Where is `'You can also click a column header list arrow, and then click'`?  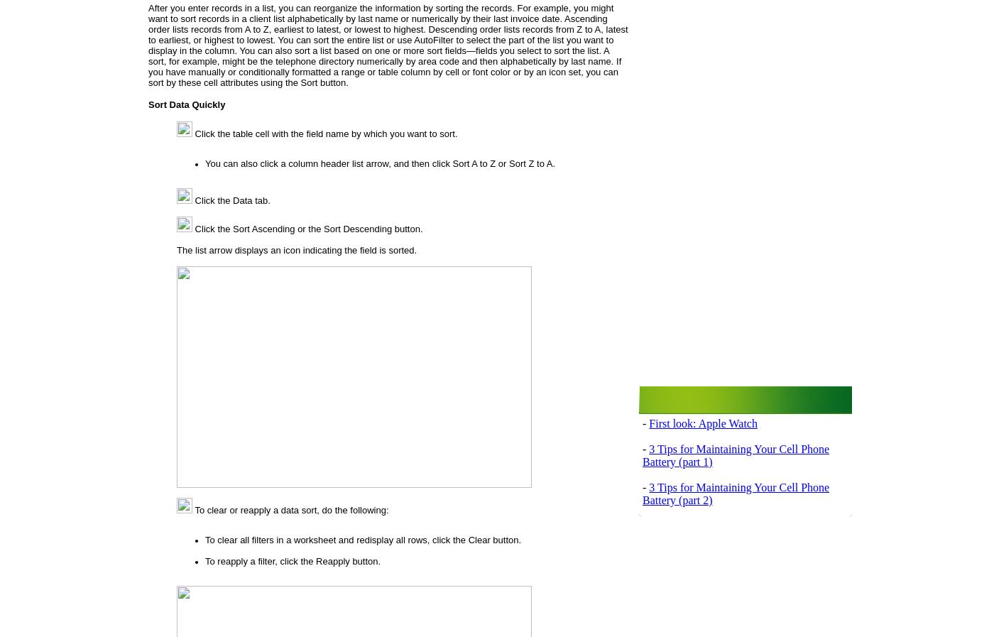
'You can also click a column header list arrow, and then click' is located at coordinates (204, 162).